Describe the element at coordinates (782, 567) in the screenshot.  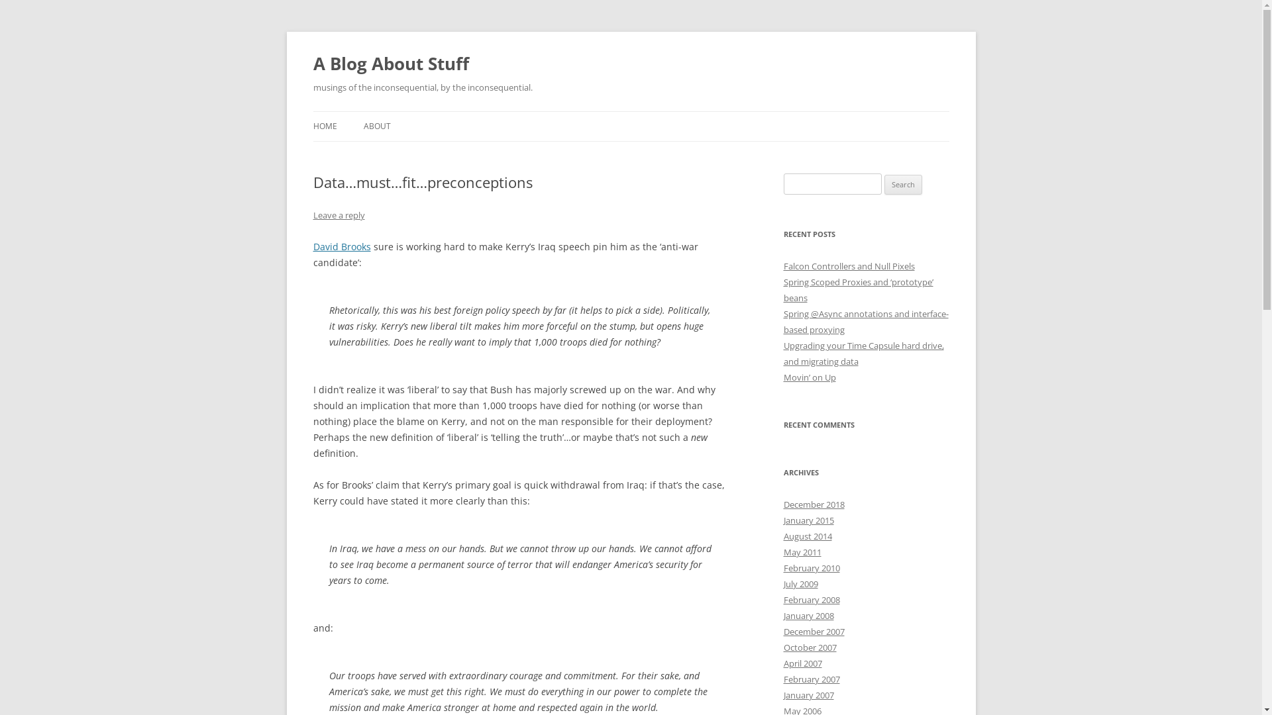
I see `'February 2010'` at that location.